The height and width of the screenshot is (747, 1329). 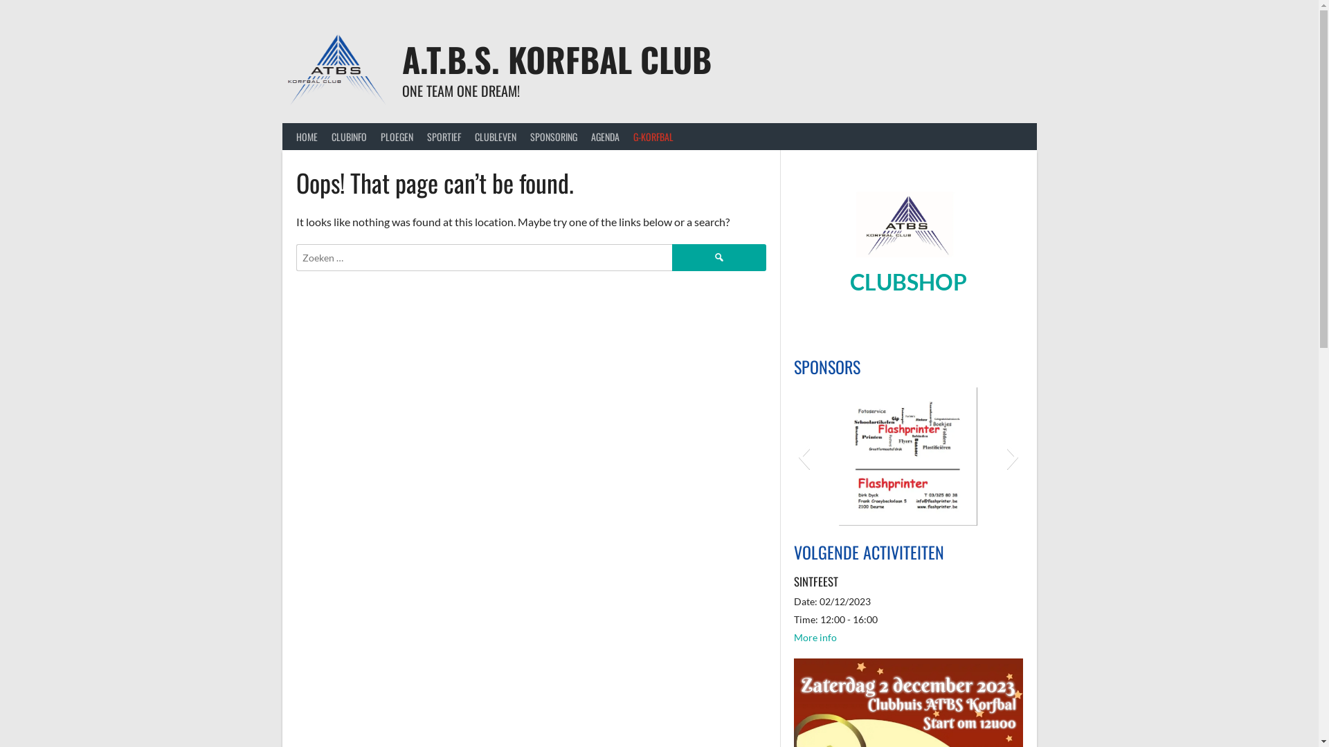 I want to click on 'PLOEGEN', so click(x=396, y=136).